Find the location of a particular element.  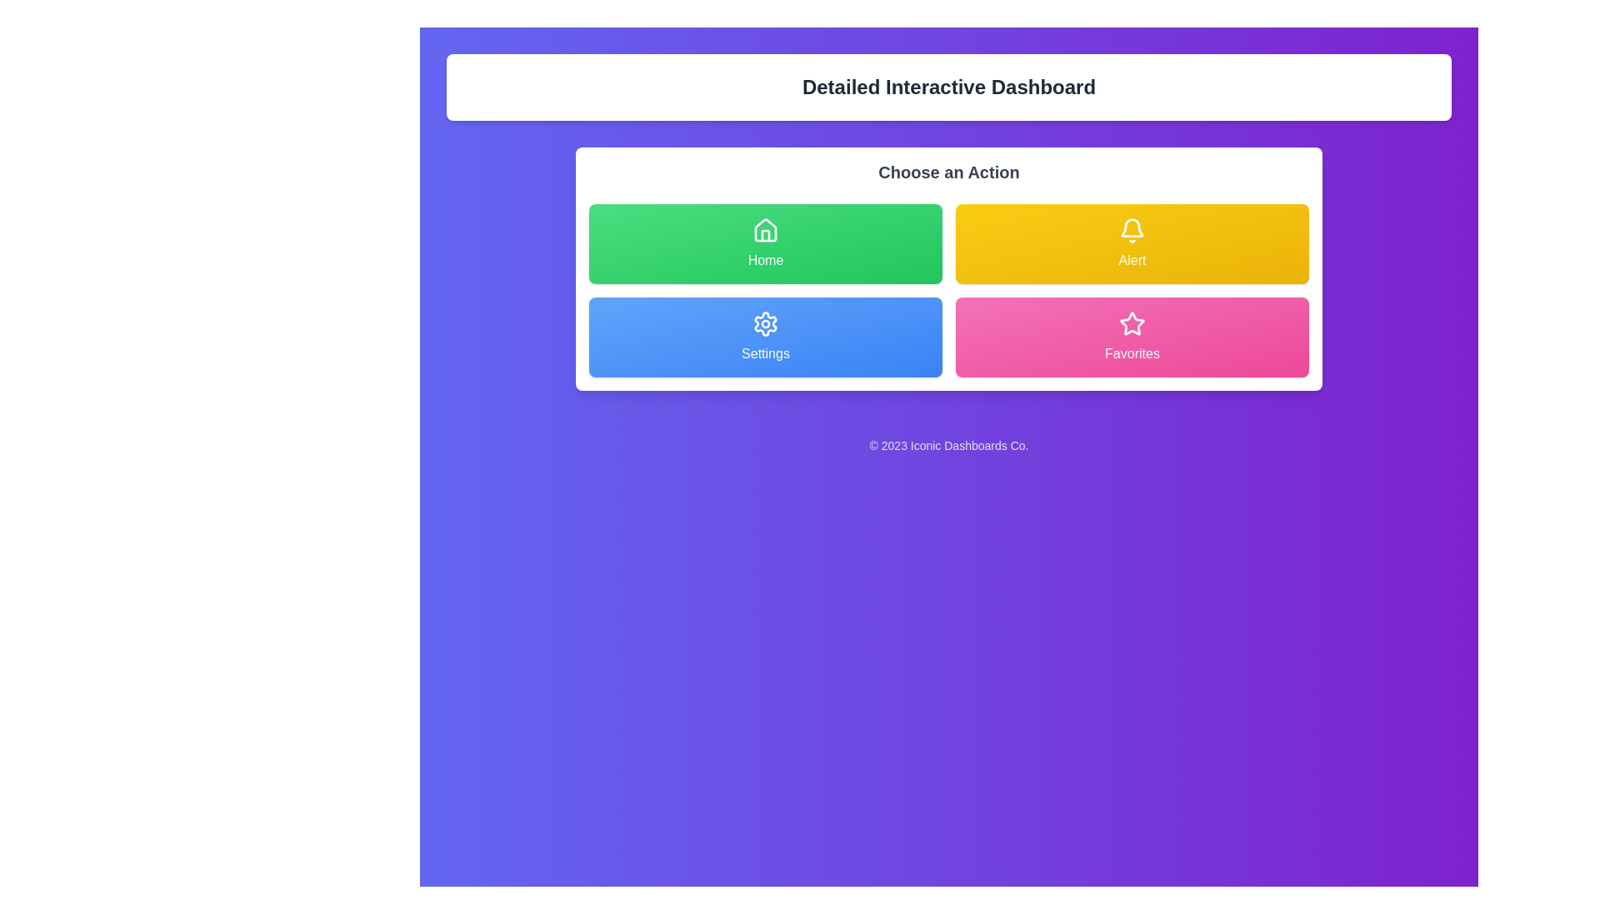

the 'Favorites' button located in the bottom-right slot of the 2x2 grid layout within the 'Choose an Action' section is located at coordinates (1132, 337).